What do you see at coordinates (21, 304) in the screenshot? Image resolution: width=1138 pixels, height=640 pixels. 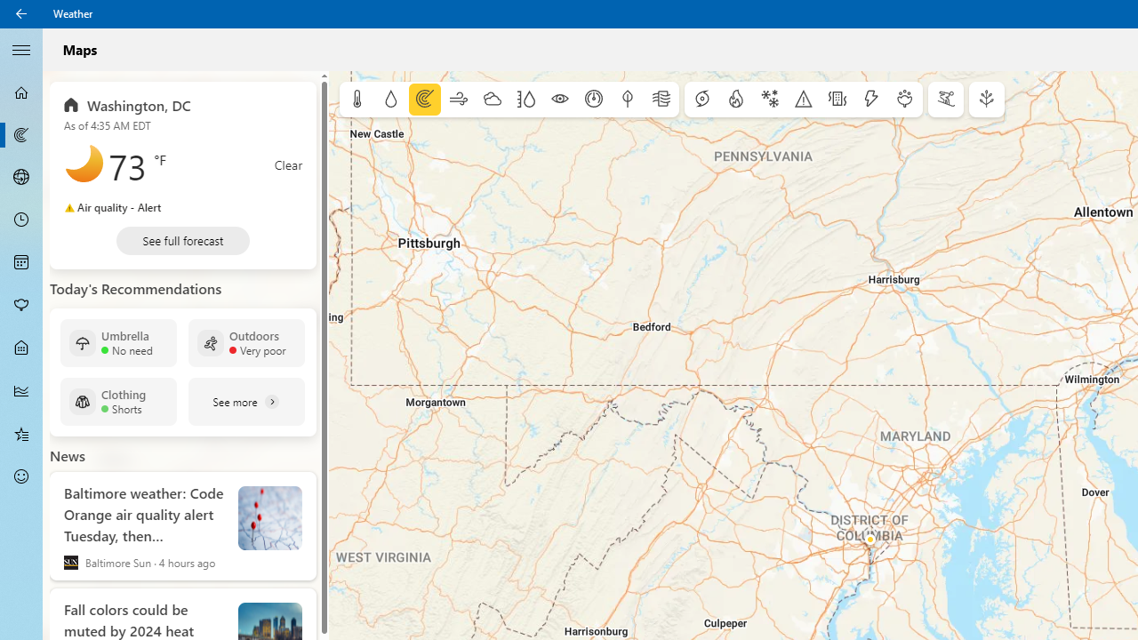 I see `'Pollen - Not Selected'` at bounding box center [21, 304].